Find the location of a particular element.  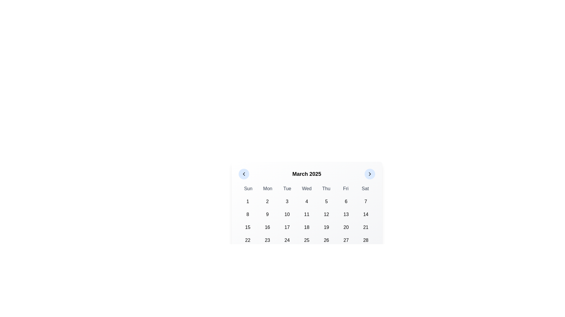

the button representing the second day of the month in the calendar interface is located at coordinates (267, 201).